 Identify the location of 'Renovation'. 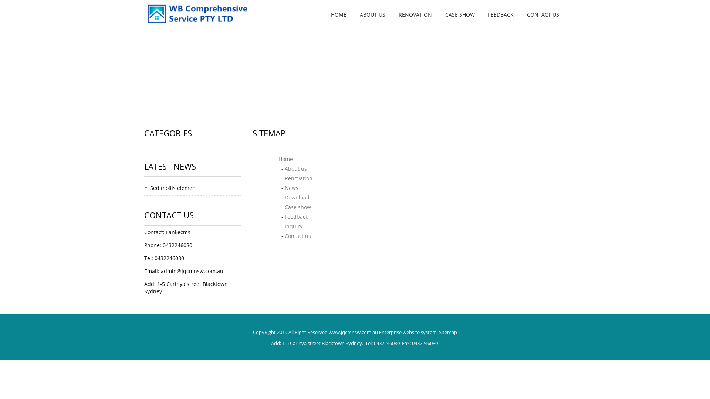
(298, 178).